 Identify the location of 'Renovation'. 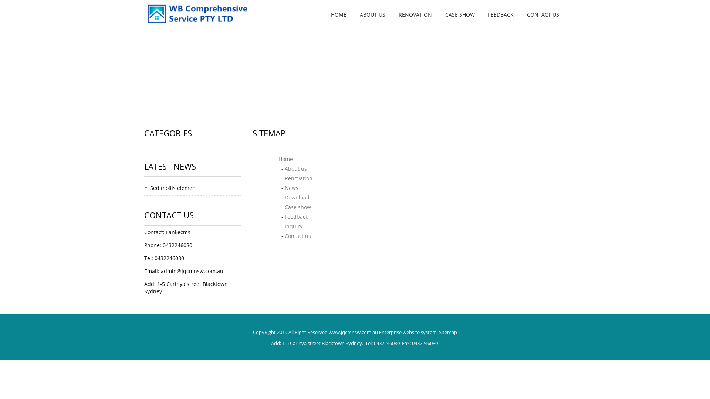
(298, 178).